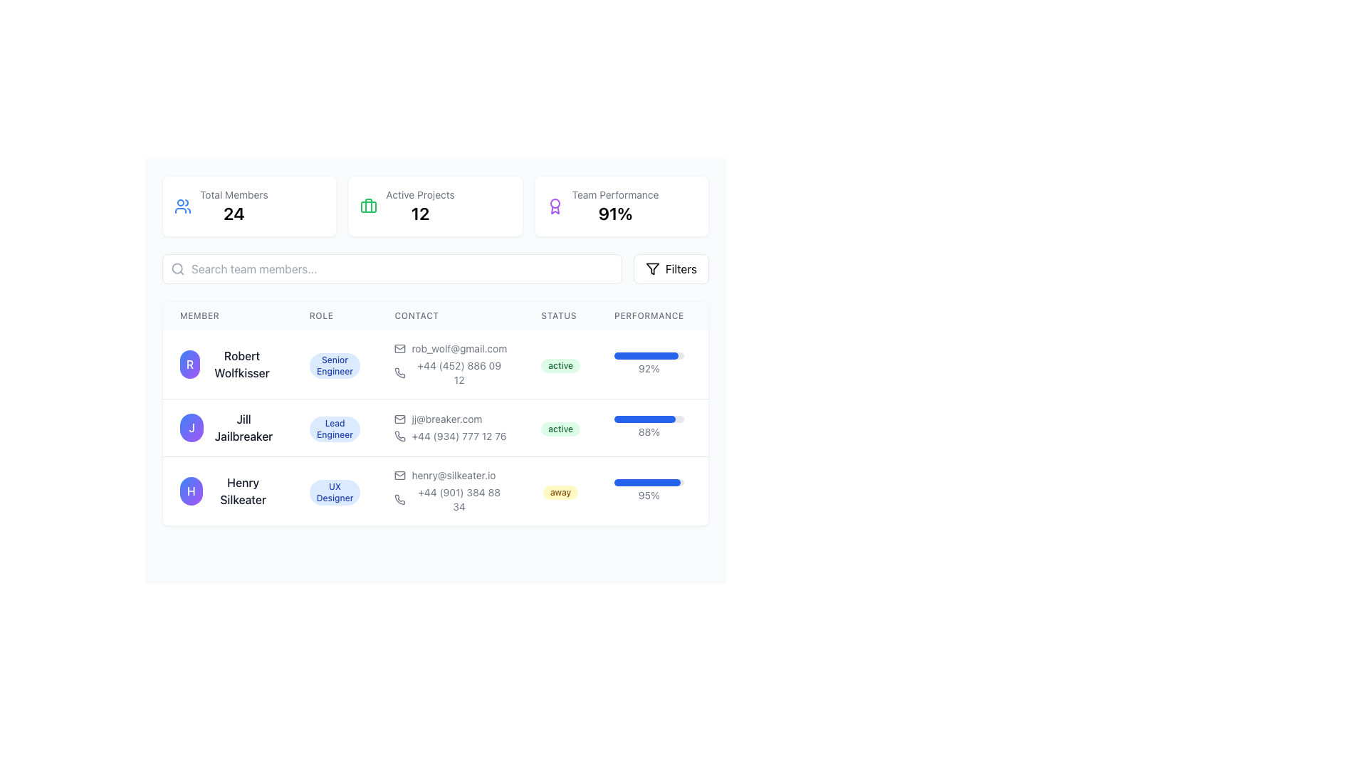  What do you see at coordinates (419, 206) in the screenshot?
I see `'Active Projects' label which consists of the text 'Active Projects' in a smaller, gray font above and the number '12' in a larger, bold font below, located at the center of the top summary section of the interface` at bounding box center [419, 206].